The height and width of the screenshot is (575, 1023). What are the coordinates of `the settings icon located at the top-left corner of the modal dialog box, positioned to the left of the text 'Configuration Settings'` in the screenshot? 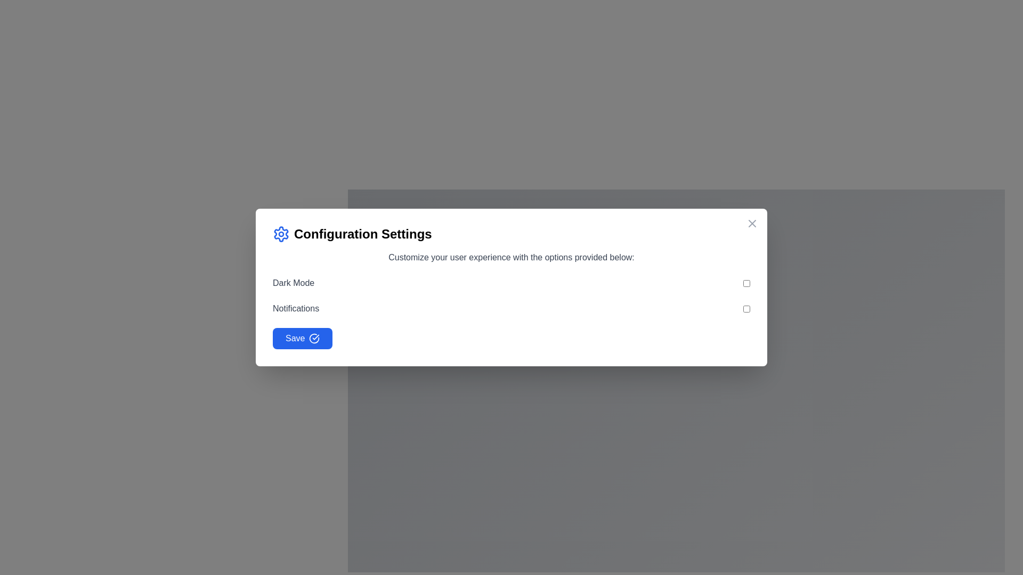 It's located at (281, 233).